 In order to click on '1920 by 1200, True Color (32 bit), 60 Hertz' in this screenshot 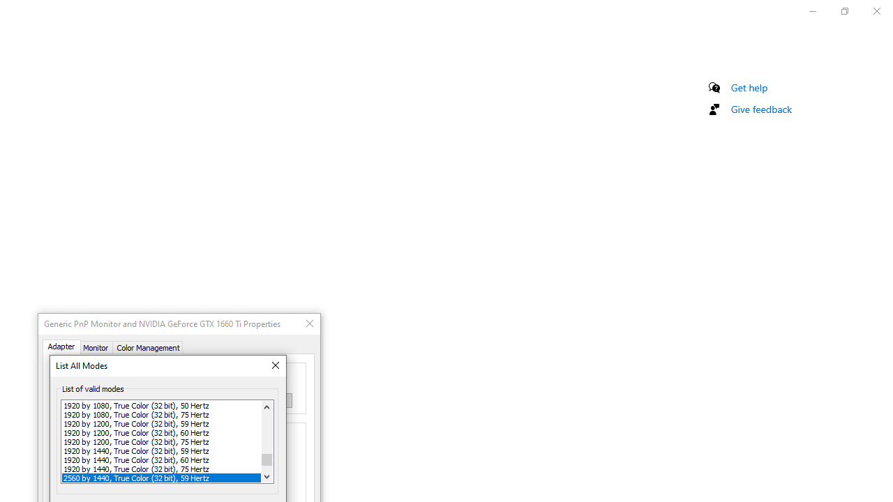, I will do `click(161, 432)`.